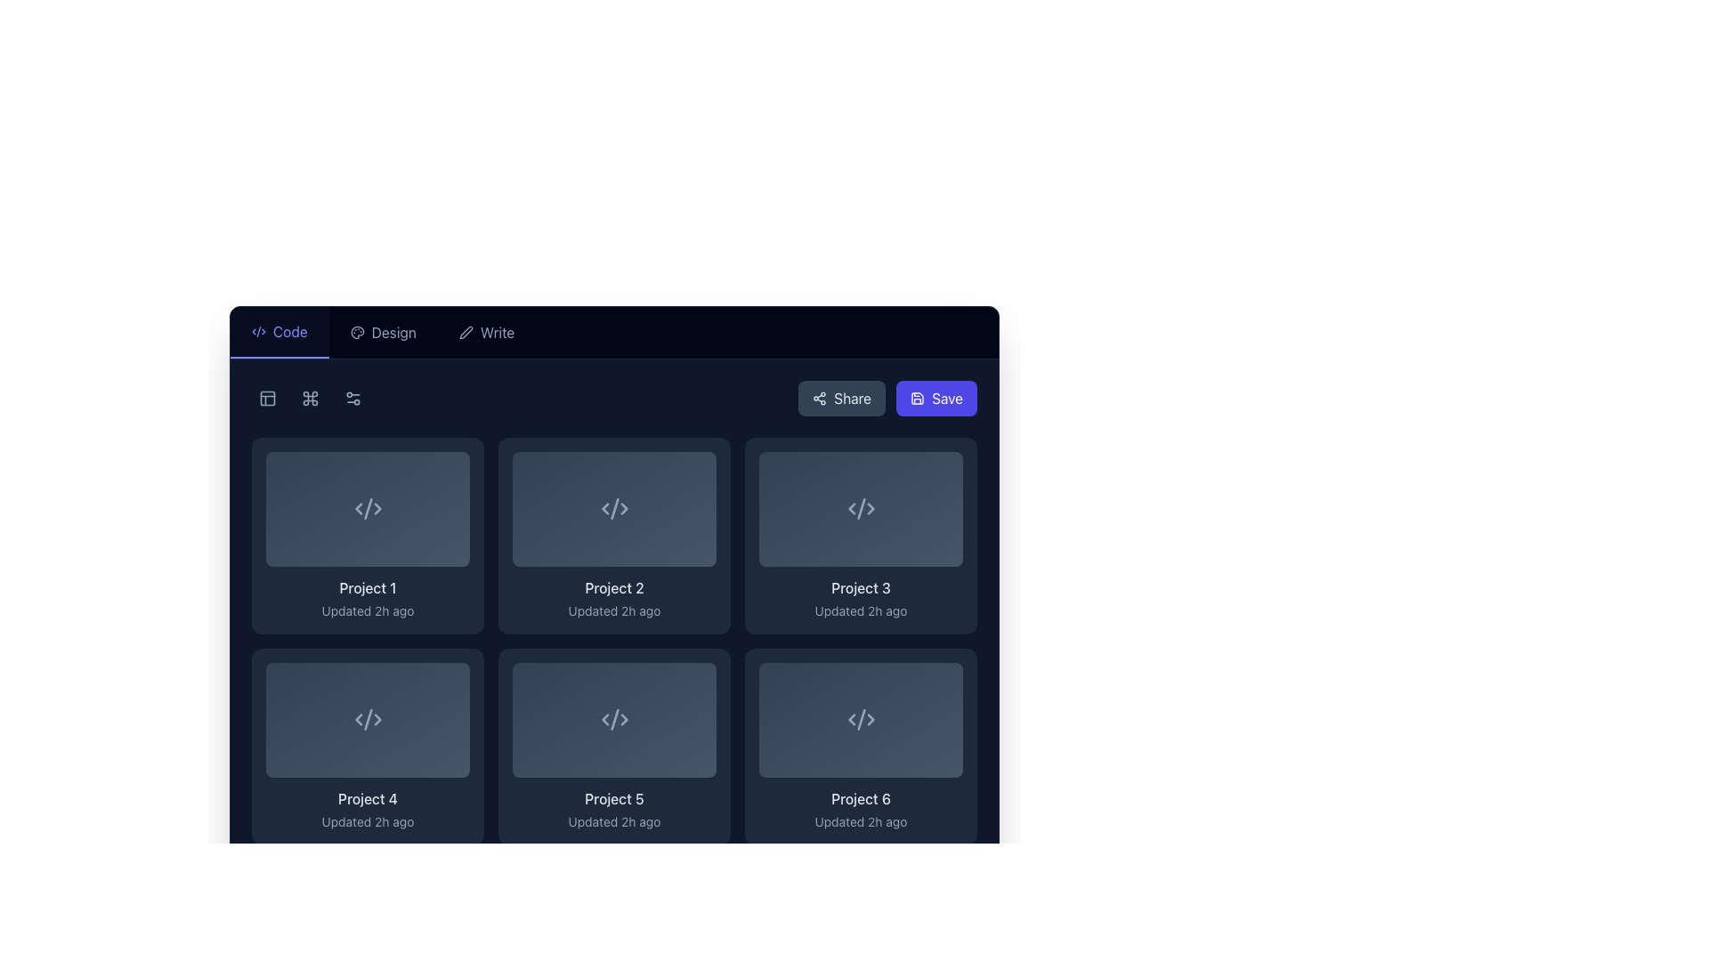 This screenshot has width=1709, height=961. Describe the element at coordinates (367, 821) in the screenshot. I see `the Text label that indicates the last update timestamp for the project, positioned below 'Project 4'` at that location.